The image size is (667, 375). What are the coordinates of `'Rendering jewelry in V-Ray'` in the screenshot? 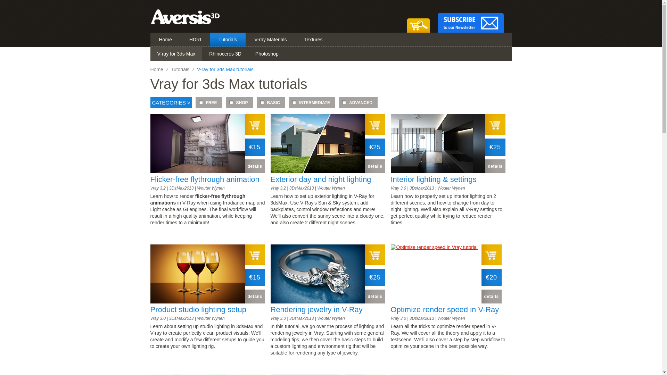 It's located at (270, 309).